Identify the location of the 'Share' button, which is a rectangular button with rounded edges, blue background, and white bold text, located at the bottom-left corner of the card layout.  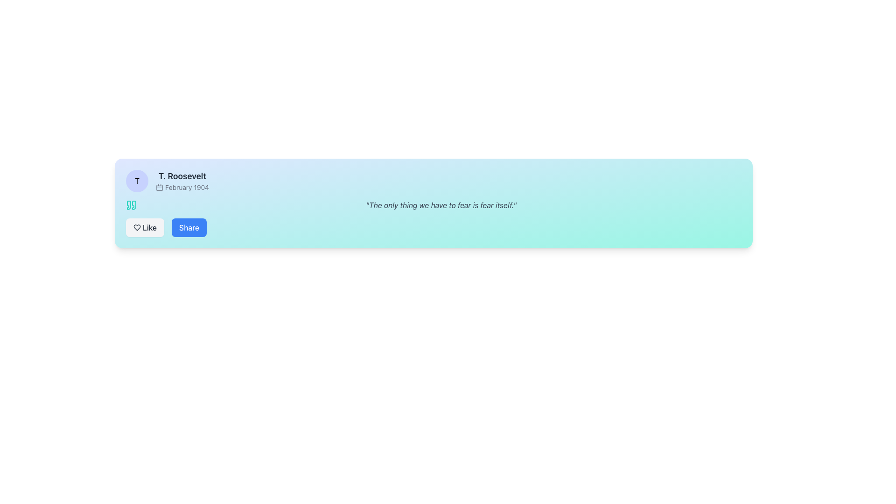
(189, 228).